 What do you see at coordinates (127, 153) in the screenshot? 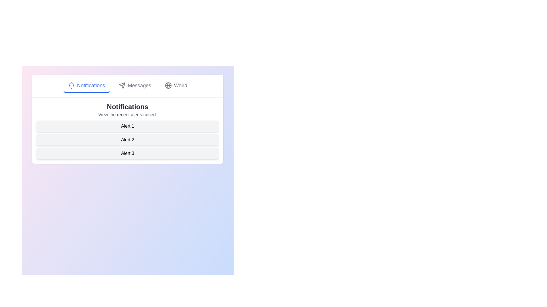
I see `the item Alert 3 from the list` at bounding box center [127, 153].